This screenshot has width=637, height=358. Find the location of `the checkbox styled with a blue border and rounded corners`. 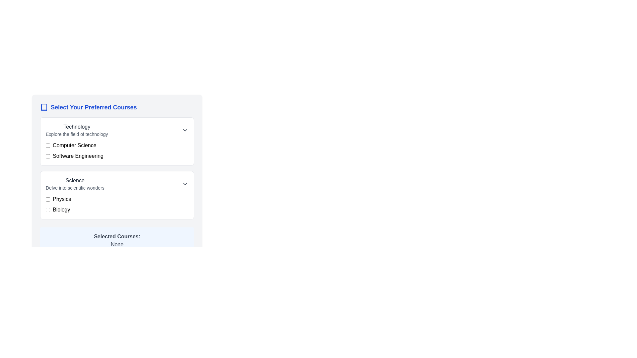

the checkbox styled with a blue border and rounded corners is located at coordinates (47, 199).